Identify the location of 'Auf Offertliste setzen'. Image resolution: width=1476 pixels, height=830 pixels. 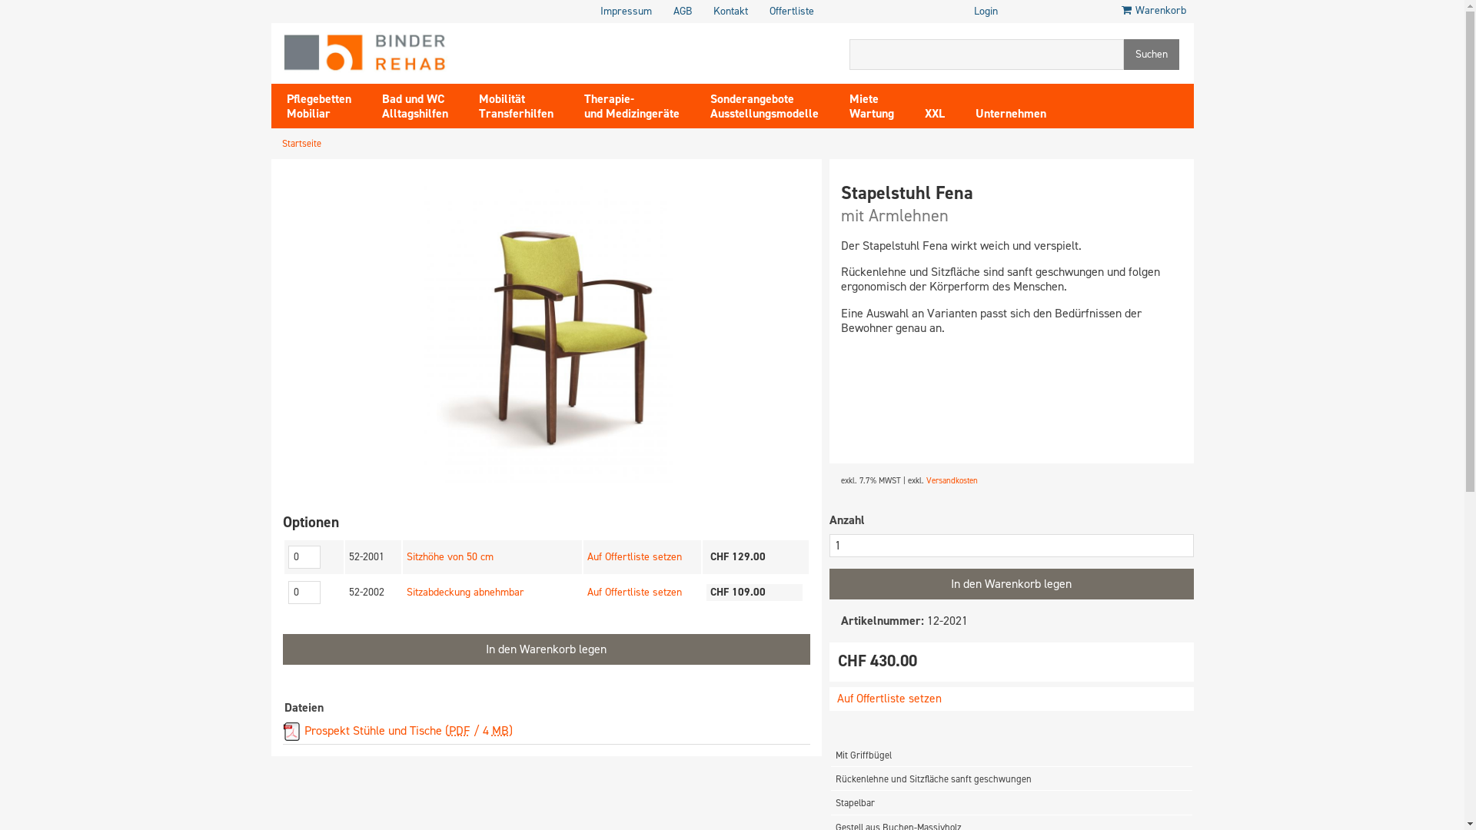
(634, 556).